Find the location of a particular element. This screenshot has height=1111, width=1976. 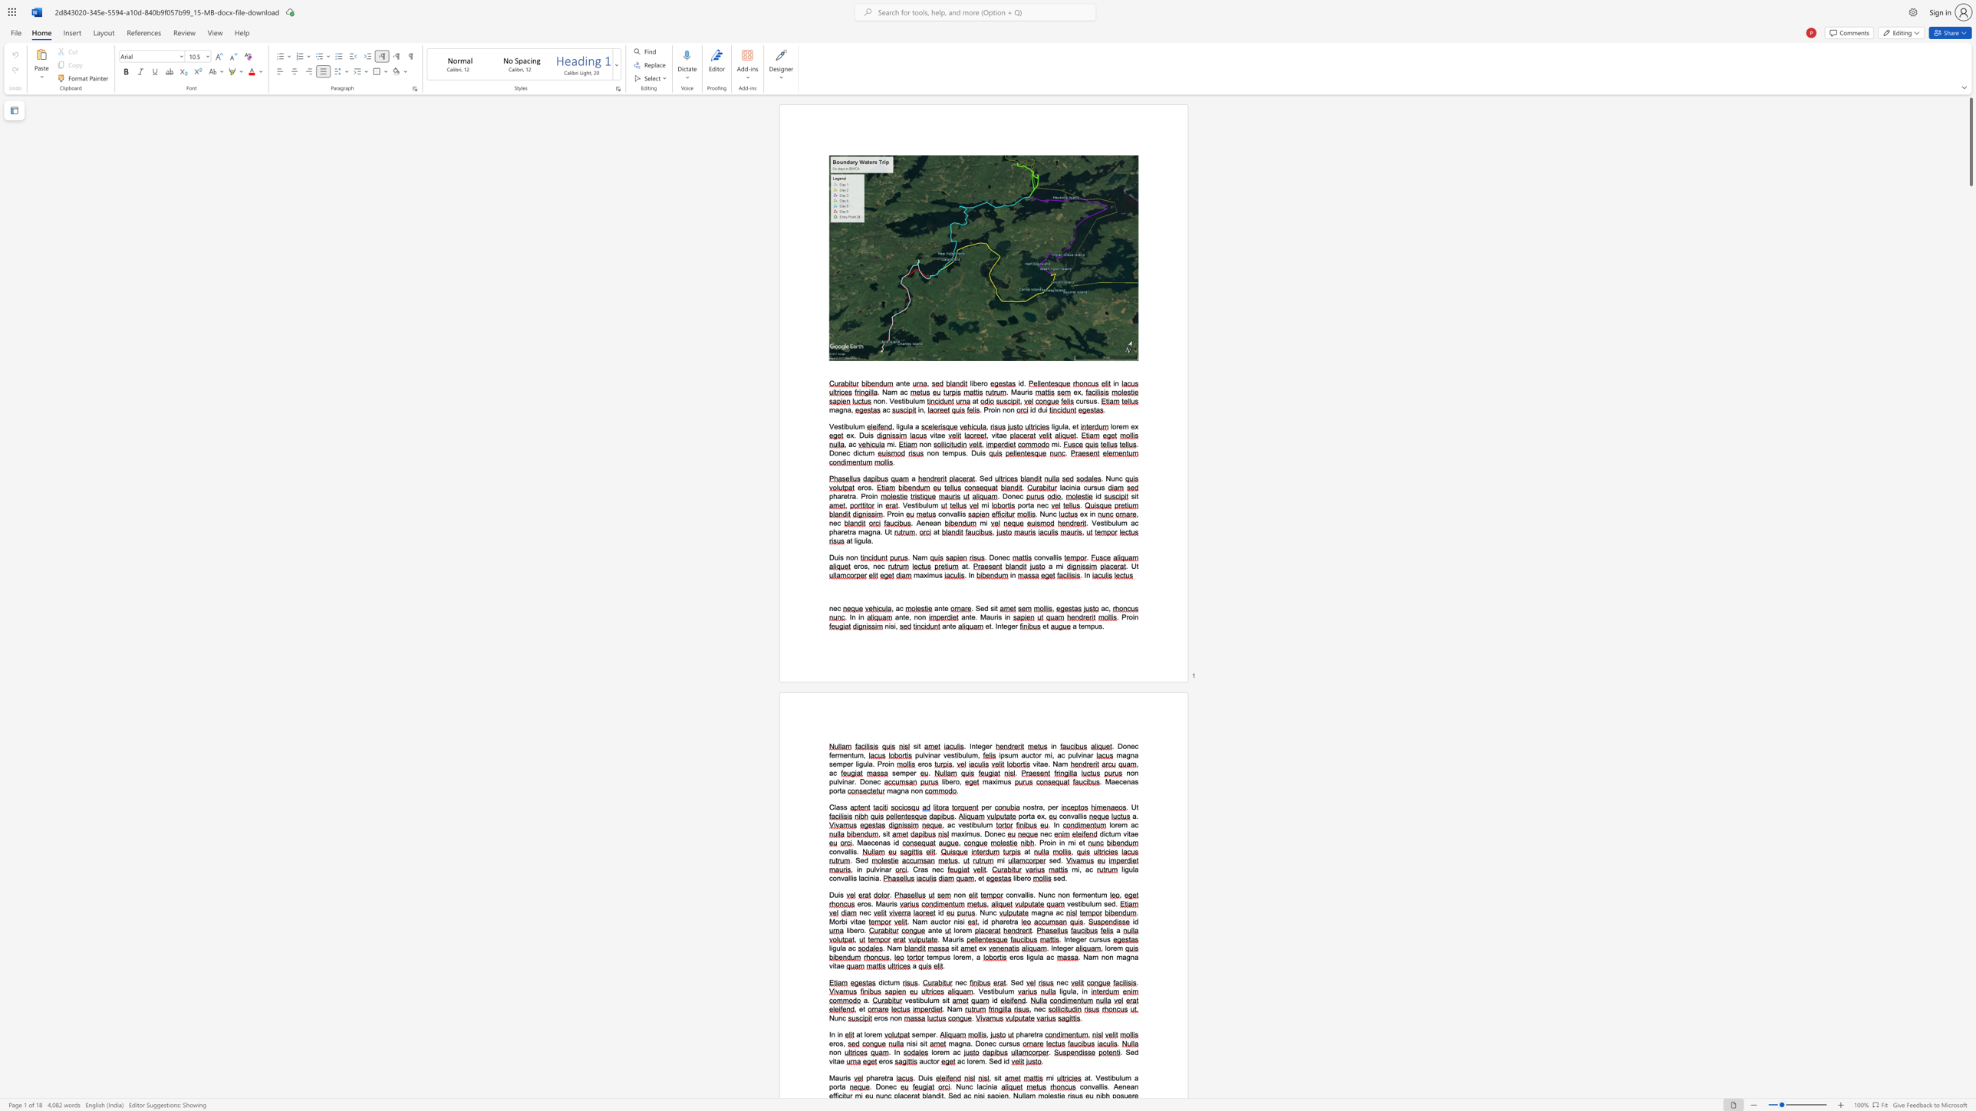

the 1th character "m" in the text is located at coordinates (870, 452).